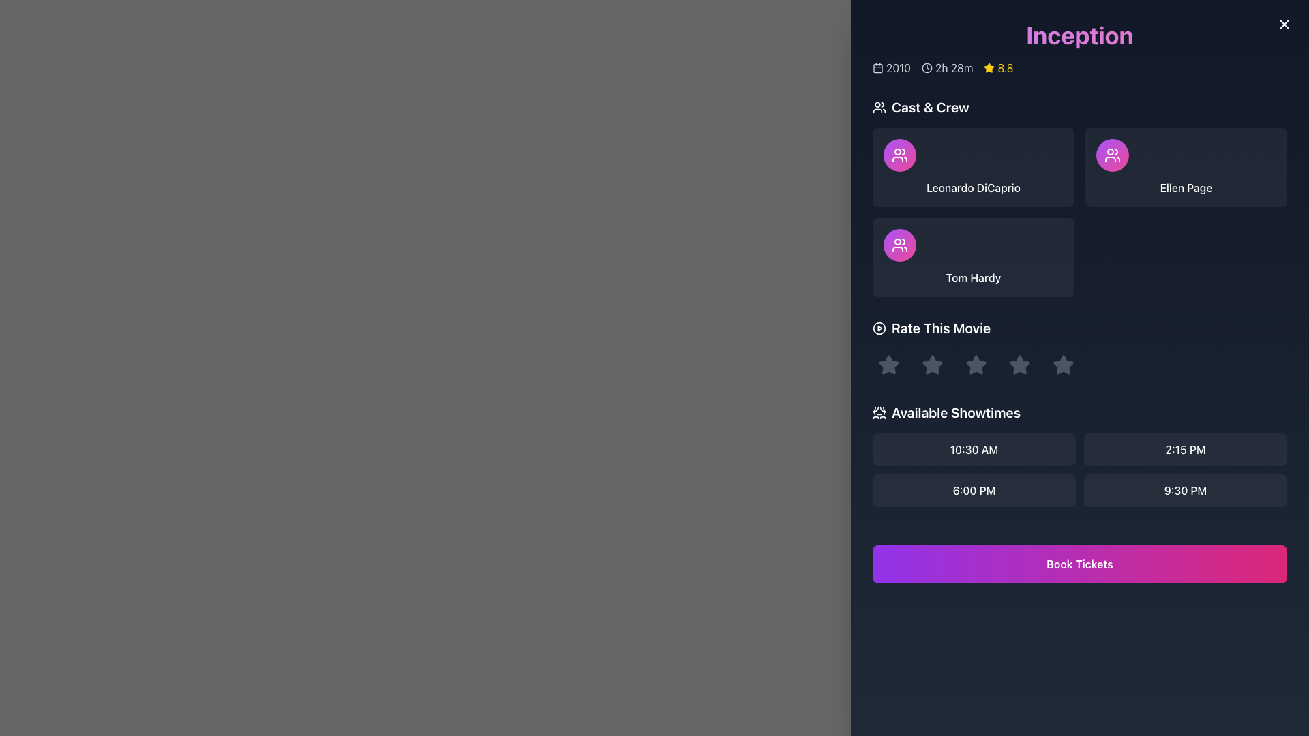 The image size is (1309, 736). Describe the element at coordinates (1281, 27) in the screenshot. I see `the small rectangle with rounded corners in the SVG icon located in the top-right corner of the interface` at that location.